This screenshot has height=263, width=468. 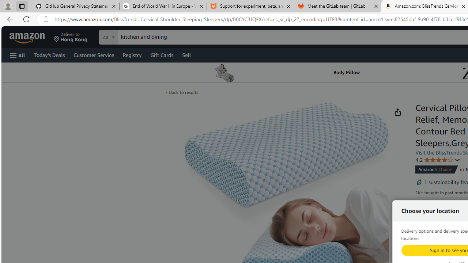 I want to click on 'Skip to main content', so click(x=31, y=37).